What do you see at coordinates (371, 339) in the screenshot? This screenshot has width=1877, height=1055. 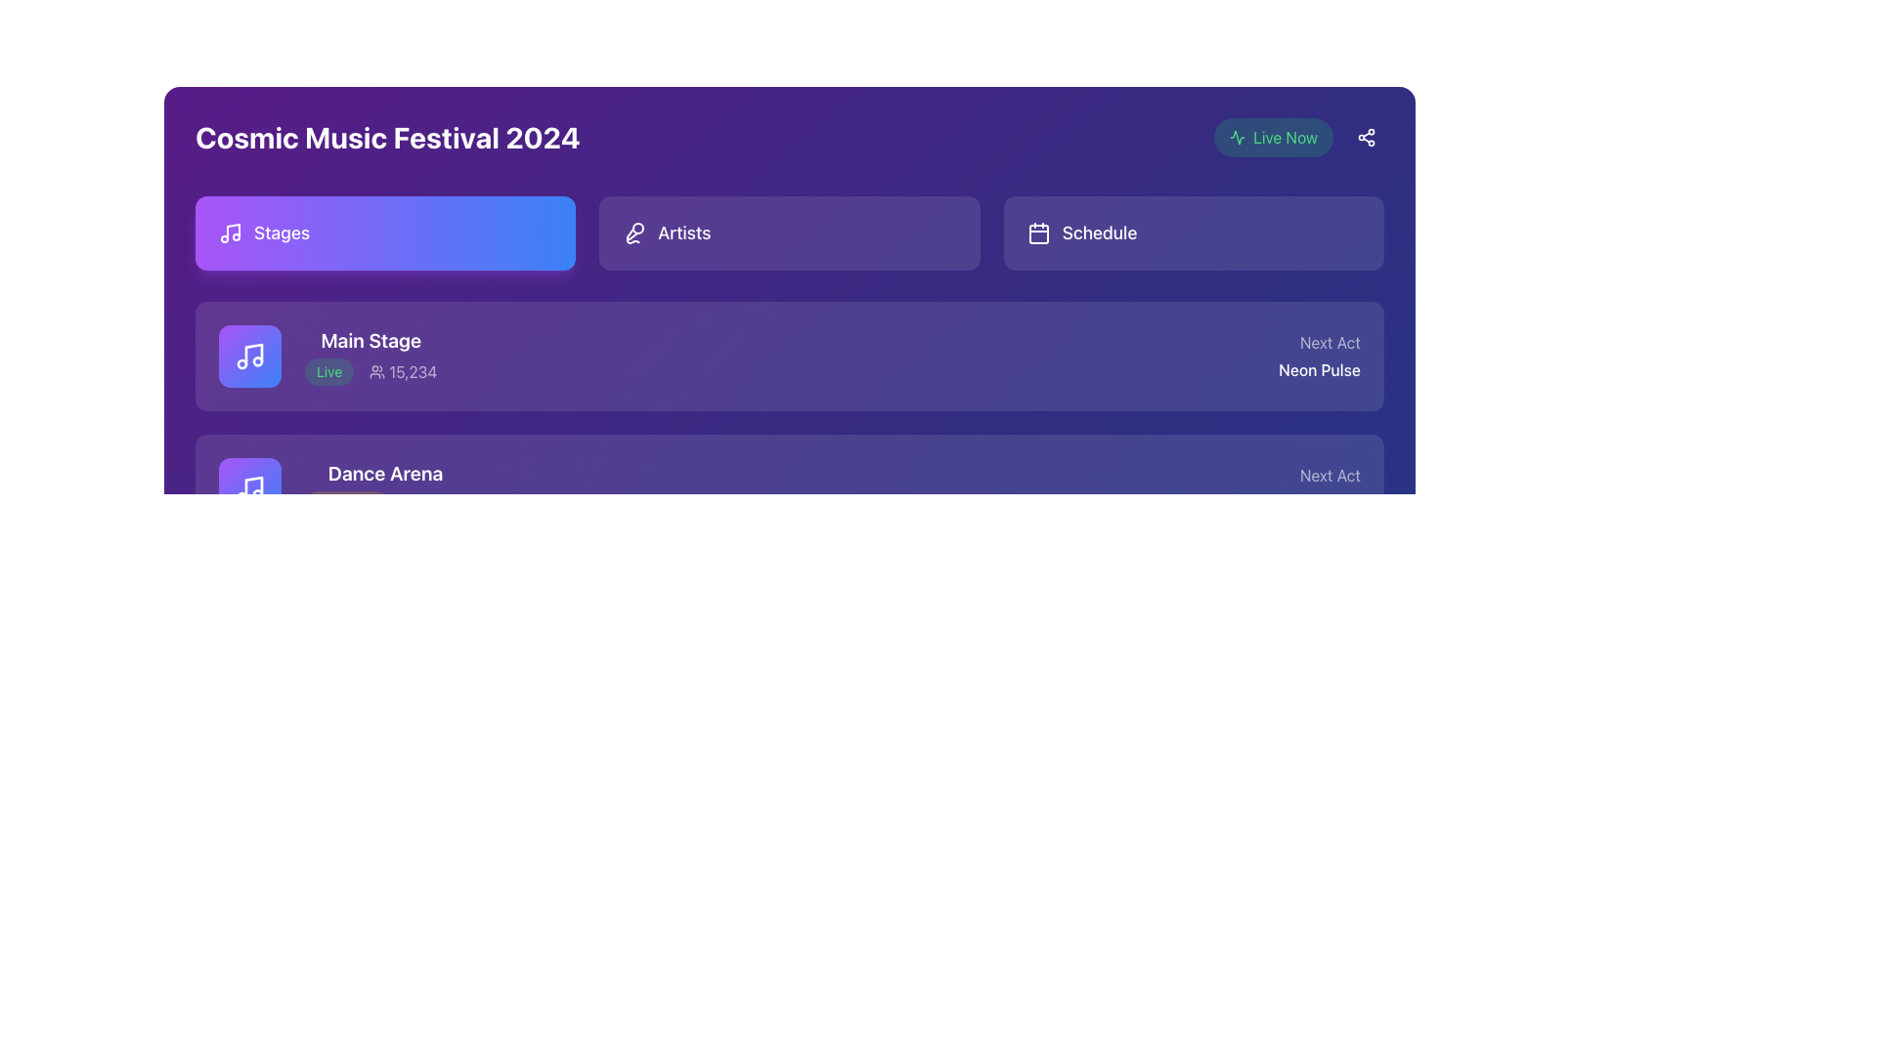 I see `the 'Main Stage' label located near the top-left of the interface, directly under the music note icon and above the 'Live' indicator and audience count` at bounding box center [371, 339].